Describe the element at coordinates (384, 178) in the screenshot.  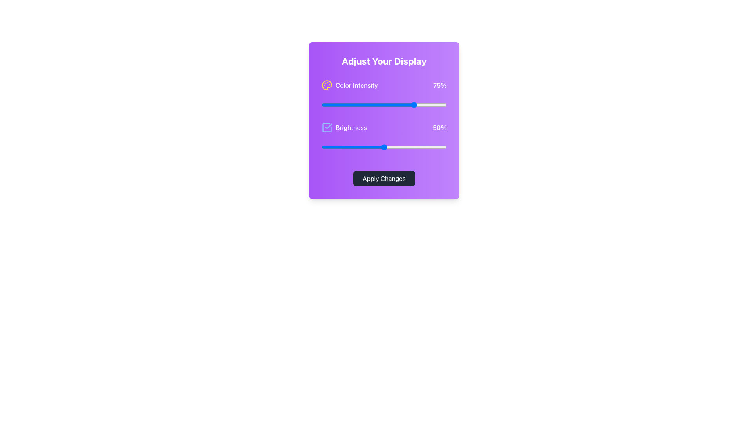
I see `the confirmation button located at the bottom center of the modal panel with a purple gradient background to apply the changes made using the sliders` at that location.